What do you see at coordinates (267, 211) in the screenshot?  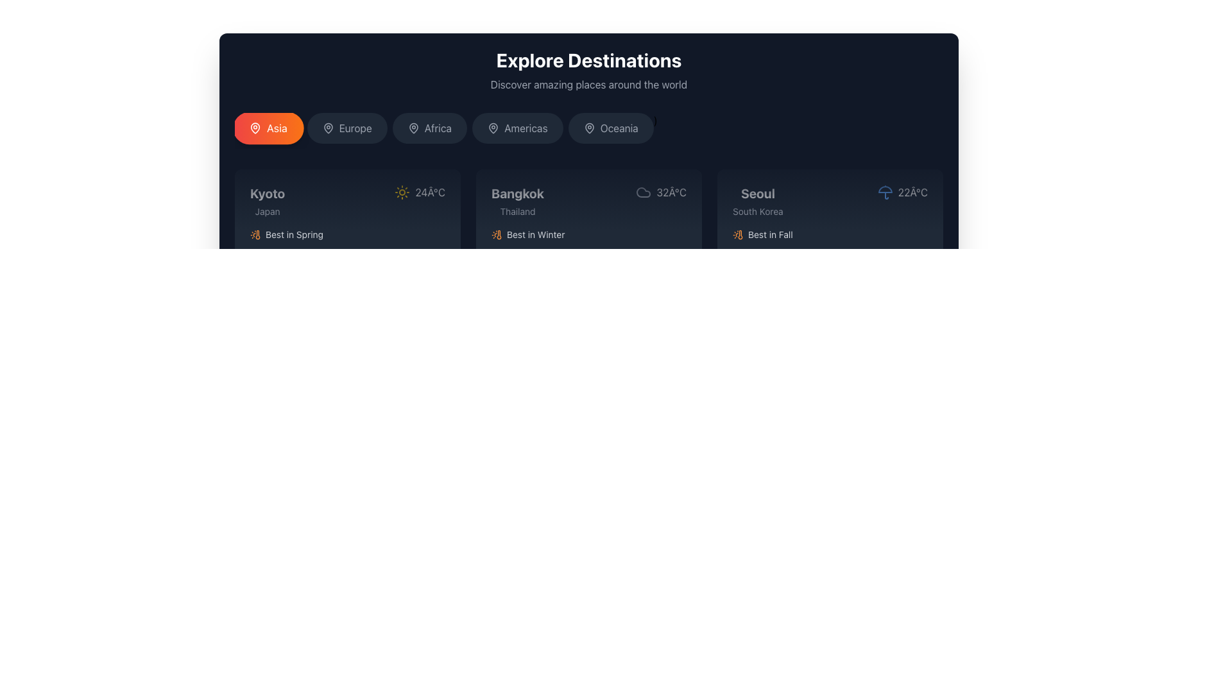 I see `the text label indicating the country corresponding to the city 'Kyoto', located below the 'Kyoto' text in the first card of the horizontal list of destination cards` at bounding box center [267, 211].